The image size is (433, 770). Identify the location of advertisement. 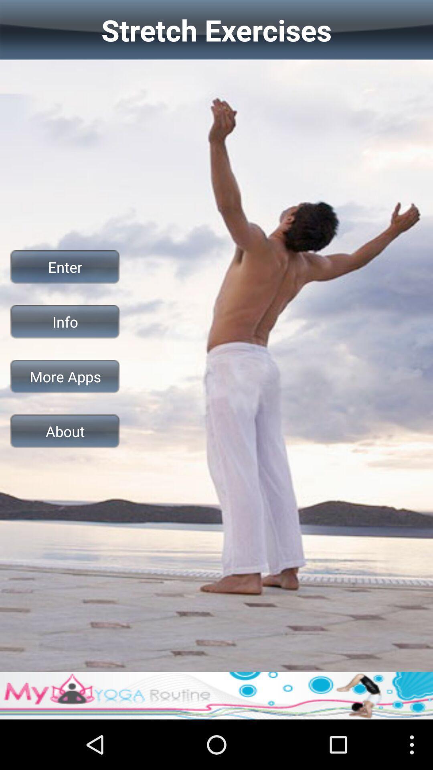
(216, 695).